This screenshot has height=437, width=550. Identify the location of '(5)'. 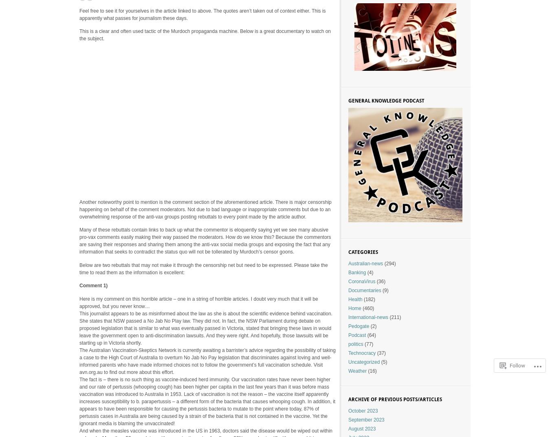
(383, 362).